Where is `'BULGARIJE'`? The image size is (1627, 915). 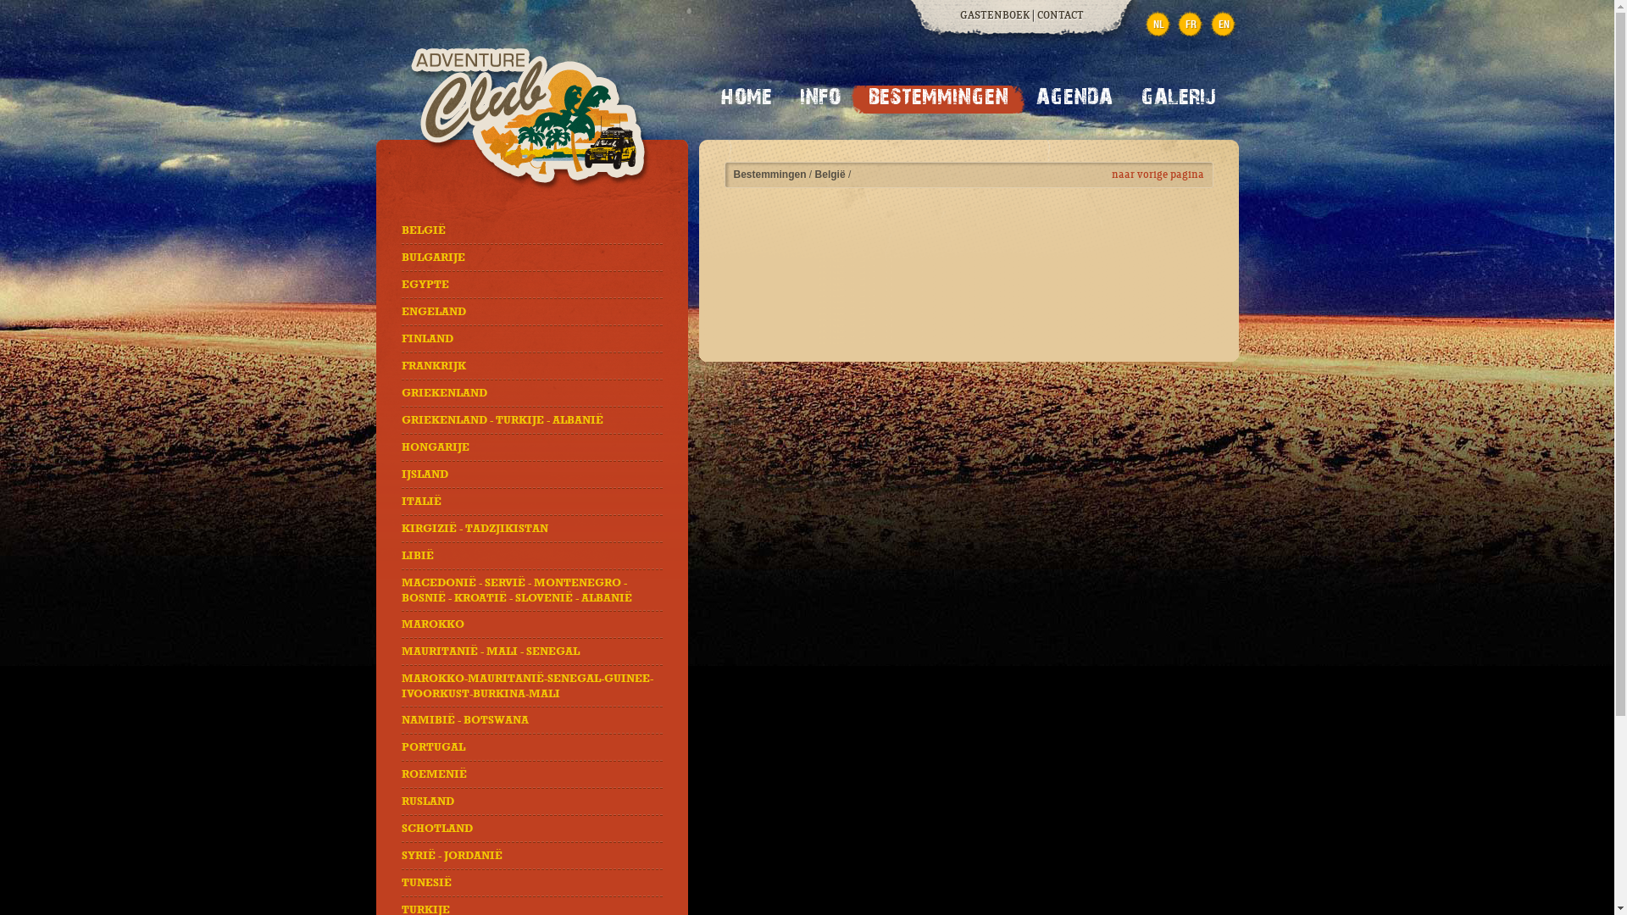
'BULGARIJE' is located at coordinates (433, 258).